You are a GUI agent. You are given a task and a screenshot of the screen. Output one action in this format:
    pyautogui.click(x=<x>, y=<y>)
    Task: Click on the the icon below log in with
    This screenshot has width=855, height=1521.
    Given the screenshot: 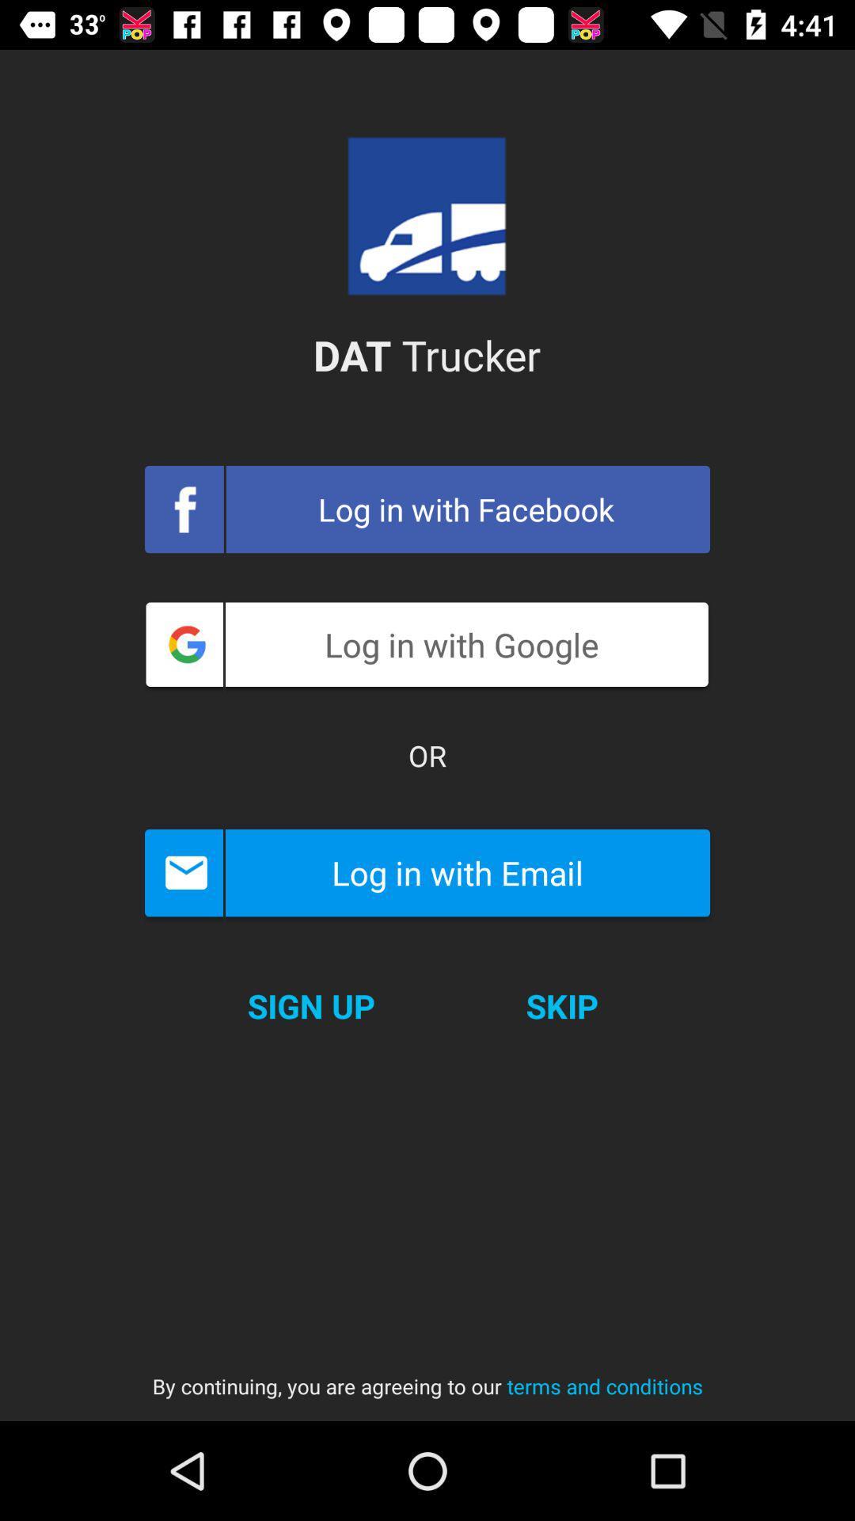 What is the action you would take?
    pyautogui.click(x=311, y=1005)
    